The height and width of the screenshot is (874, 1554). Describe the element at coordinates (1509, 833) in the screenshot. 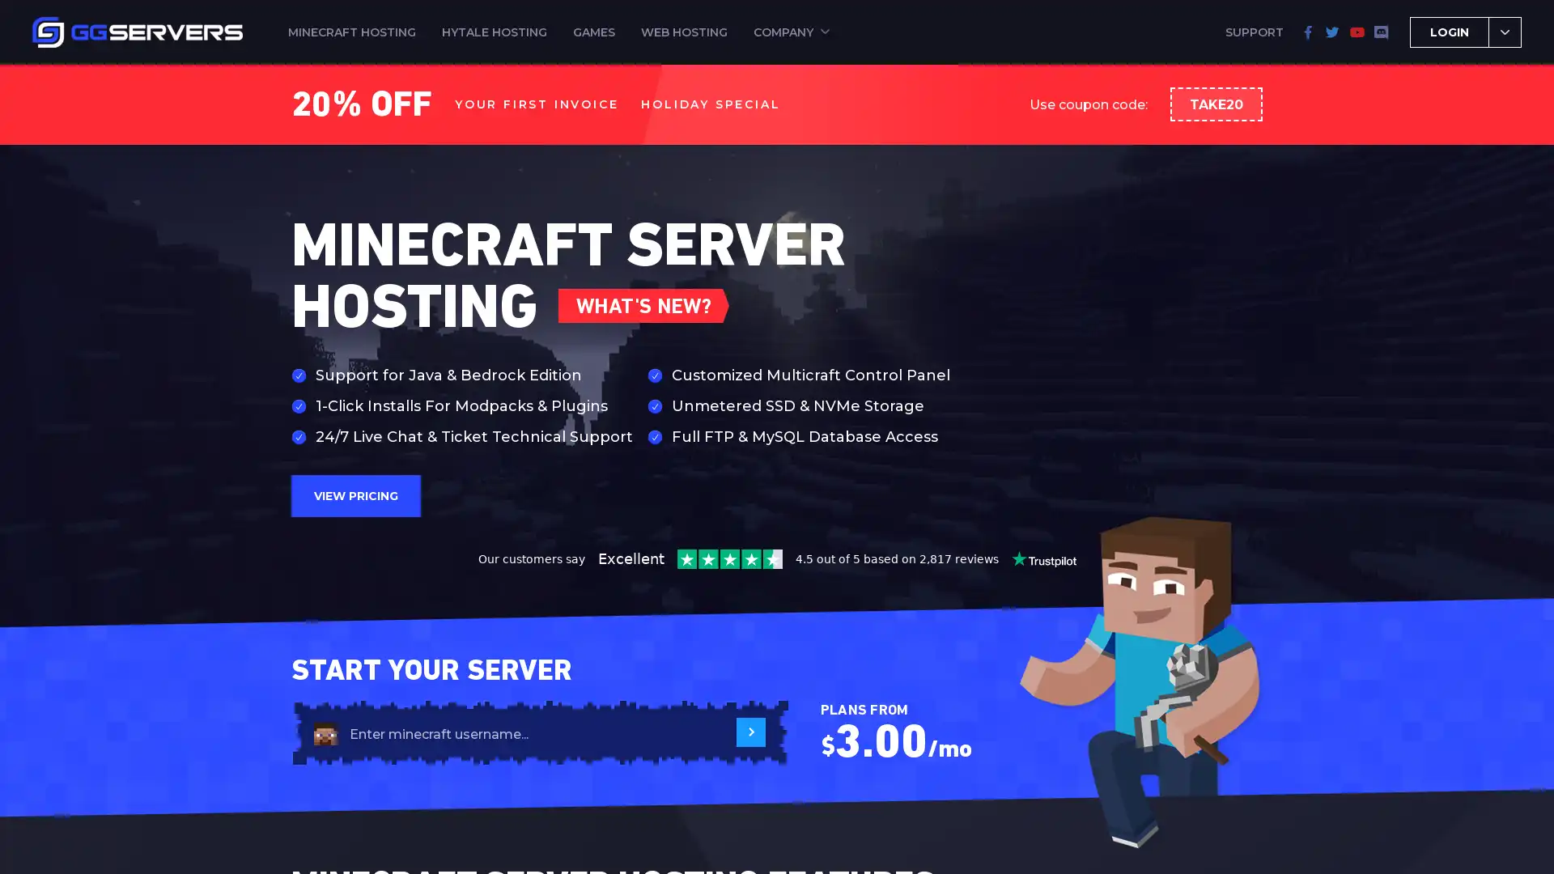

I see `GGServers Support Support is online. Come Chat With Us!` at that location.